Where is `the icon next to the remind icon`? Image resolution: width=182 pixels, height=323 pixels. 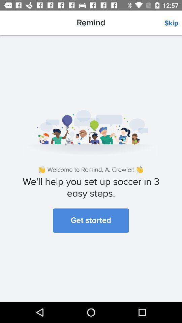 the icon next to the remind icon is located at coordinates (173, 23).